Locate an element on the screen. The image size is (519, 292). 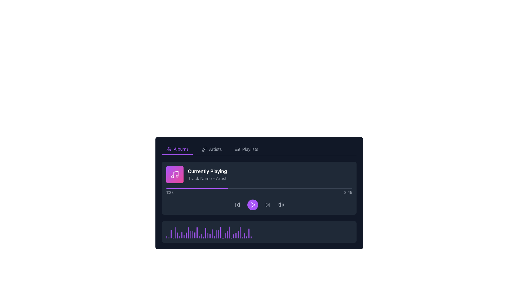
playback progress is located at coordinates (224, 188).